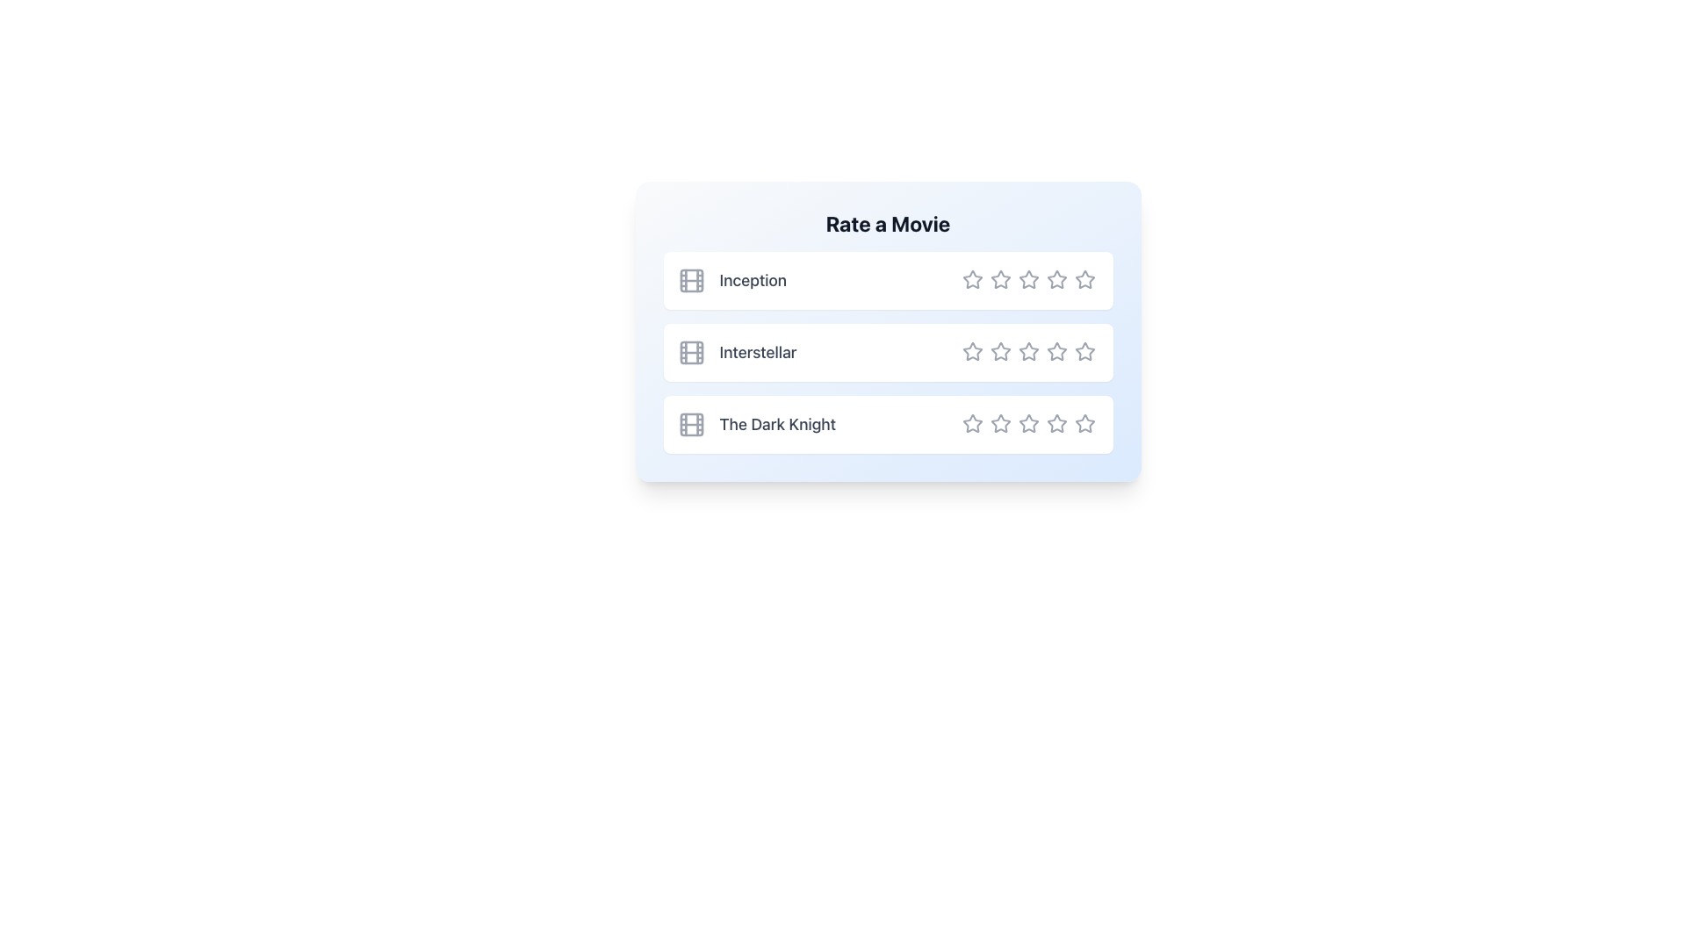  Describe the element at coordinates (1056, 279) in the screenshot. I see `the fourth star icon in the rating system for the movie 'Inception' to provide a rating` at that location.